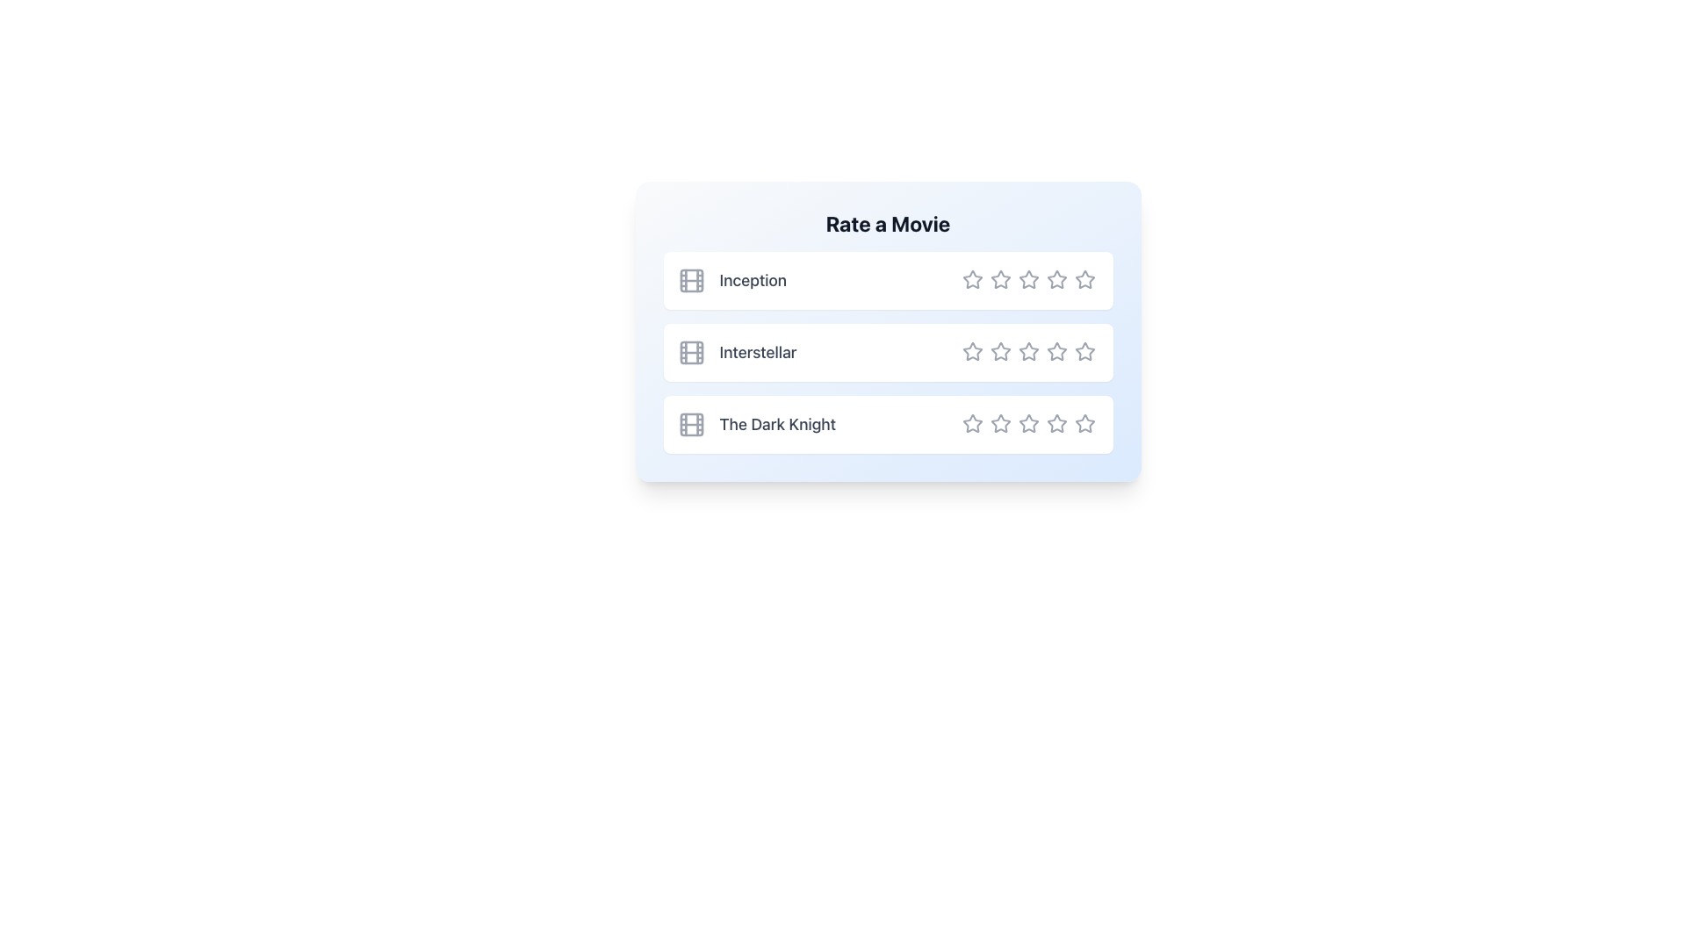  Describe the element at coordinates (1056, 279) in the screenshot. I see `the fourth star icon in the rating system for the movie 'Inception' to provide a rating` at that location.